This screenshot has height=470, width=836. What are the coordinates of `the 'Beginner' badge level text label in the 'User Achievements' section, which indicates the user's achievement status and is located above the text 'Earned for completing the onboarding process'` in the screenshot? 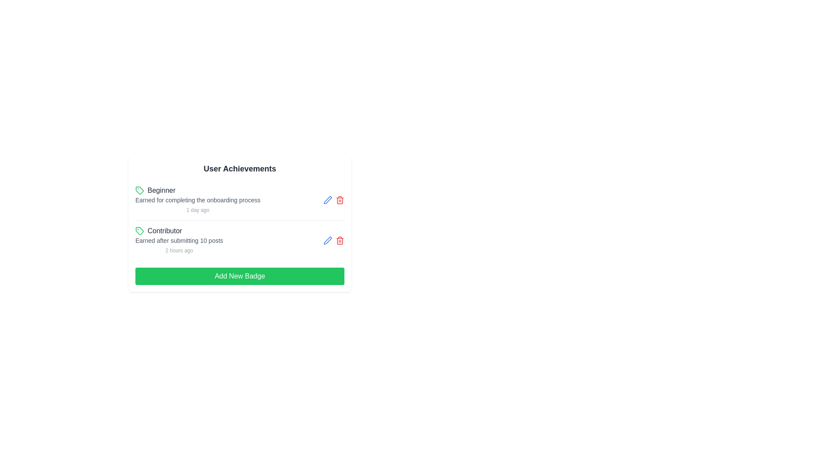 It's located at (161, 190).